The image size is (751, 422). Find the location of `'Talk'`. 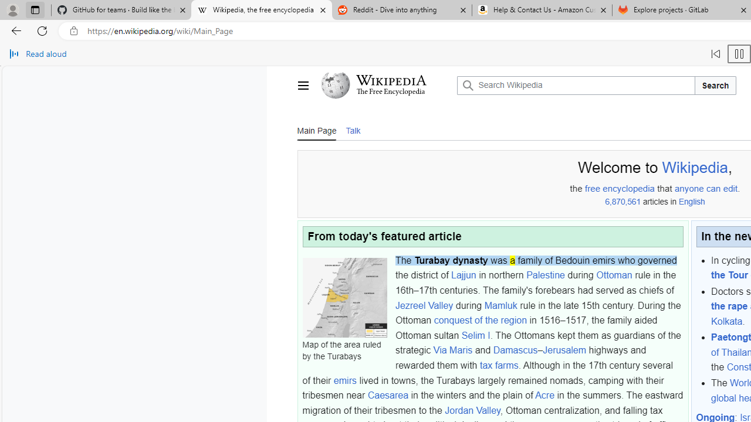

'Talk' is located at coordinates (352, 130).